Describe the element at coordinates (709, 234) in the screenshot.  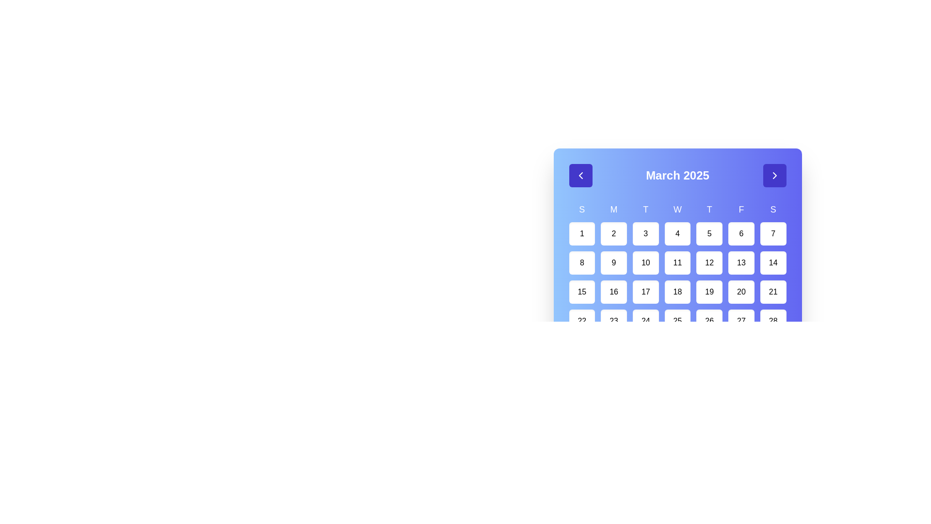
I see `the button displaying the number '5' in bold black text, located in the calendar grid under the column labeled 'F' for Friday` at that location.